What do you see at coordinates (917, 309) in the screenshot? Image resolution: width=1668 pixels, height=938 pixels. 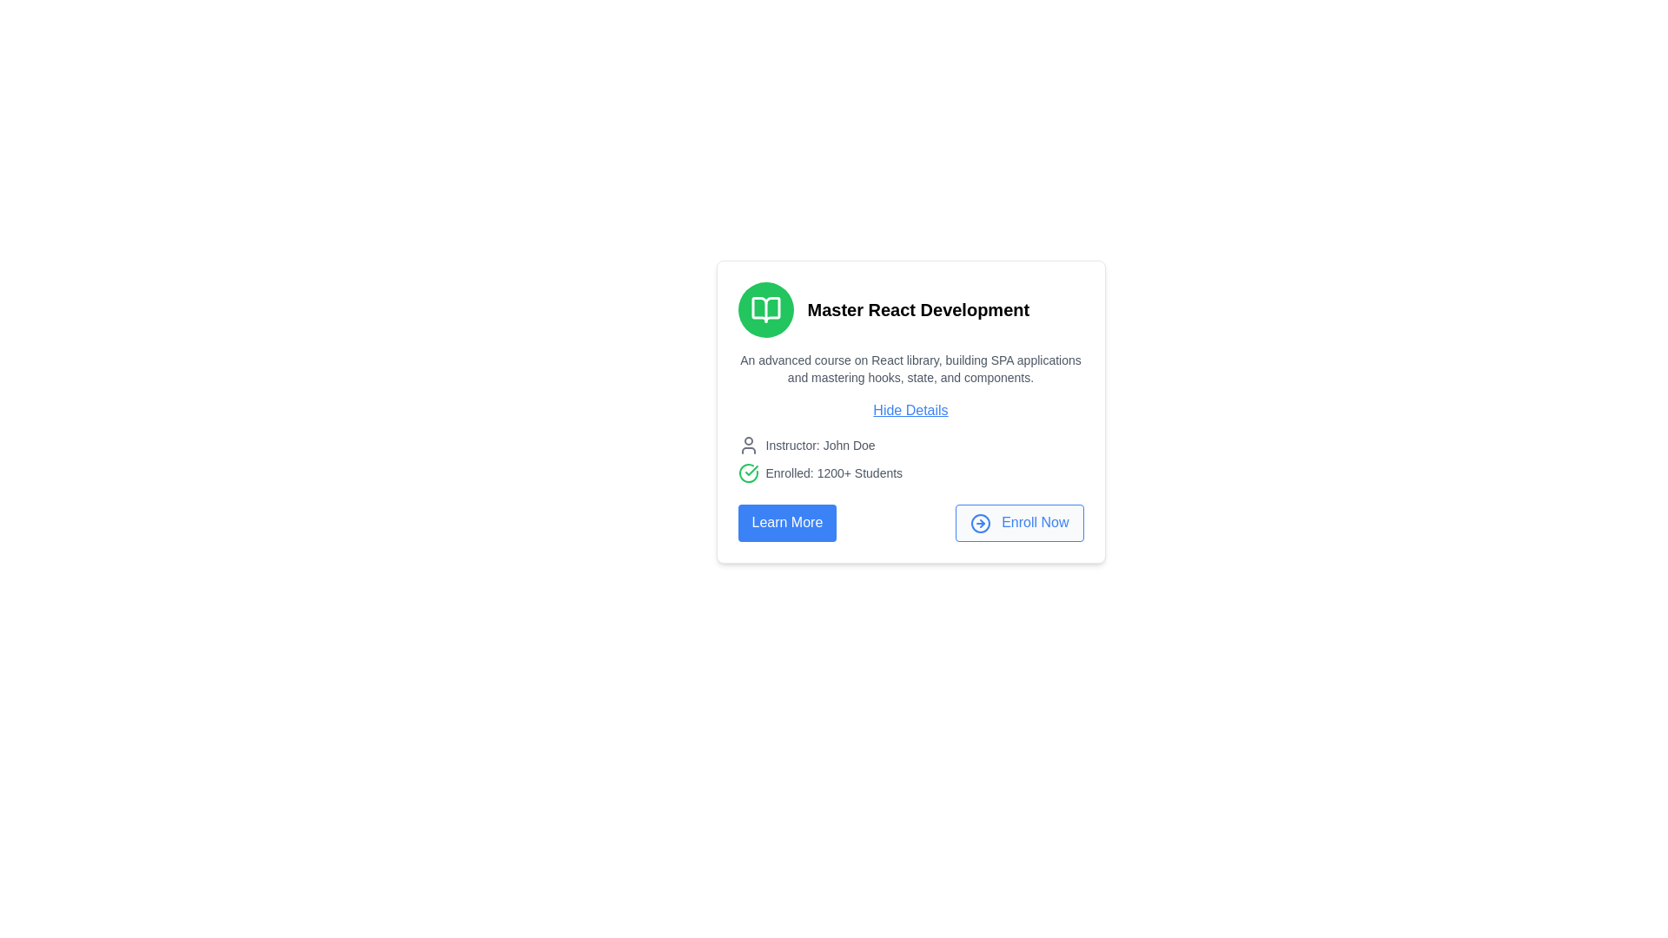 I see `text element 'Master React Development.' which is a bold title displayed in black, centered near the top of its content card` at bounding box center [917, 309].